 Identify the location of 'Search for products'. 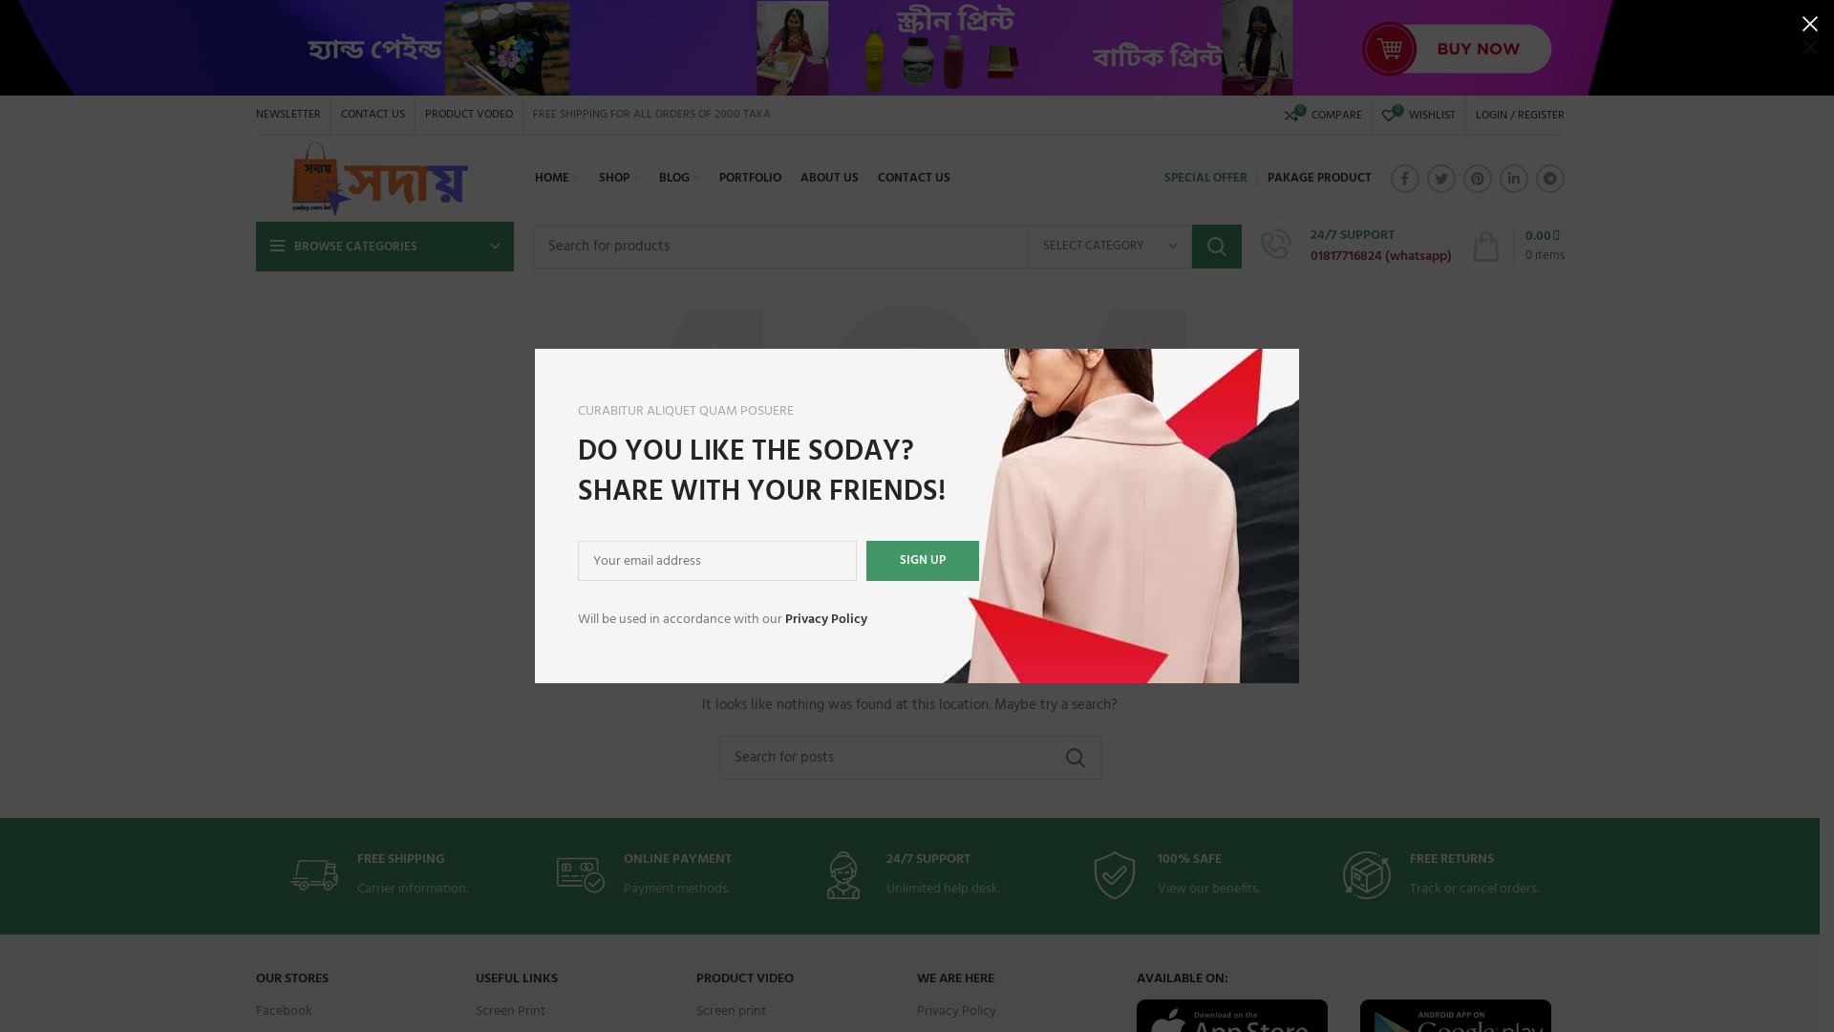
(886, 246).